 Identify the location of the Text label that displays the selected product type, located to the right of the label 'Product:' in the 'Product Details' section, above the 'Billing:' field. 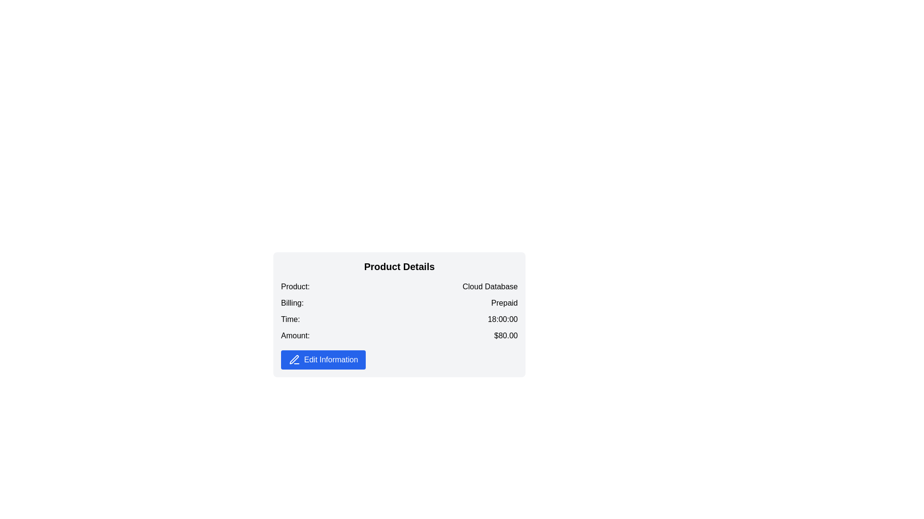
(490, 286).